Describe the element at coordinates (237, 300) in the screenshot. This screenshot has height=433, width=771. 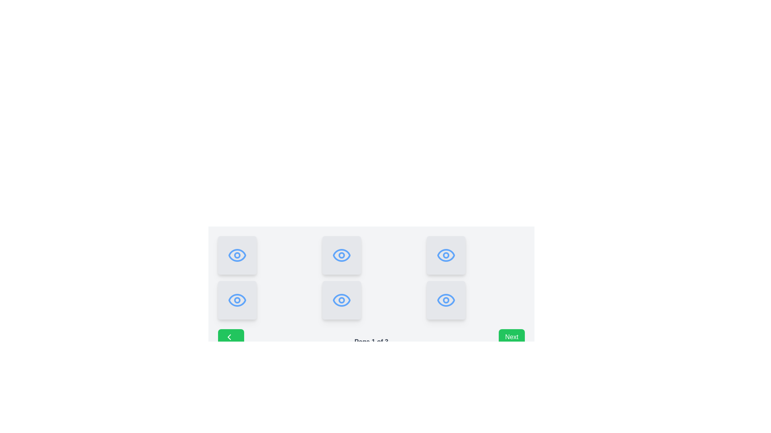
I see `the eye-shaped icon with a blue outline` at that location.